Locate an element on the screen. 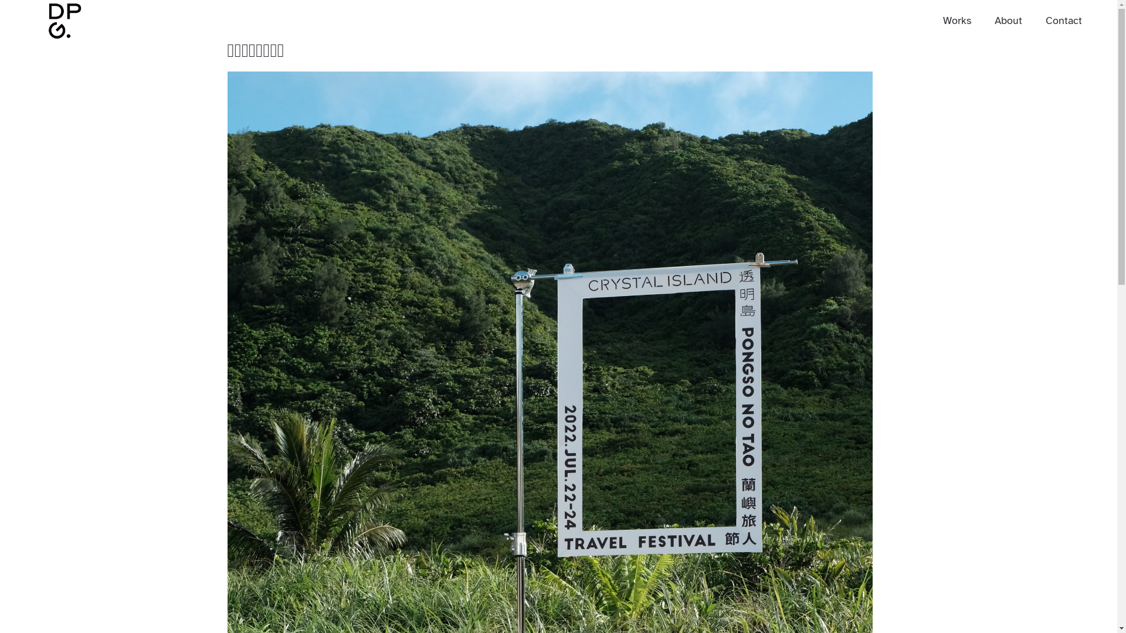  'Works' is located at coordinates (957, 20).